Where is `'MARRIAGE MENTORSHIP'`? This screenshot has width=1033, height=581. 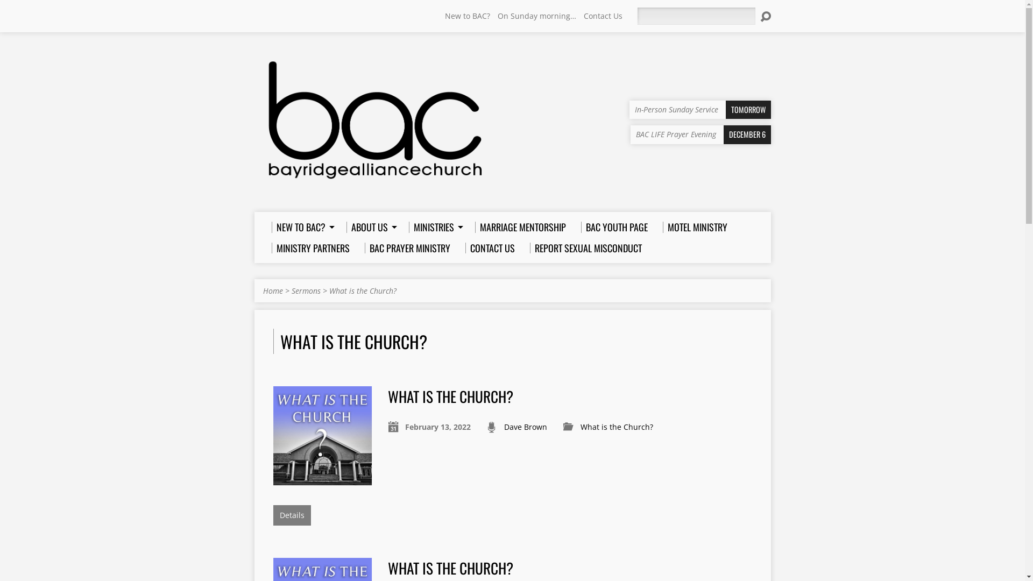 'MARRIAGE MENTORSHIP' is located at coordinates (520, 226).